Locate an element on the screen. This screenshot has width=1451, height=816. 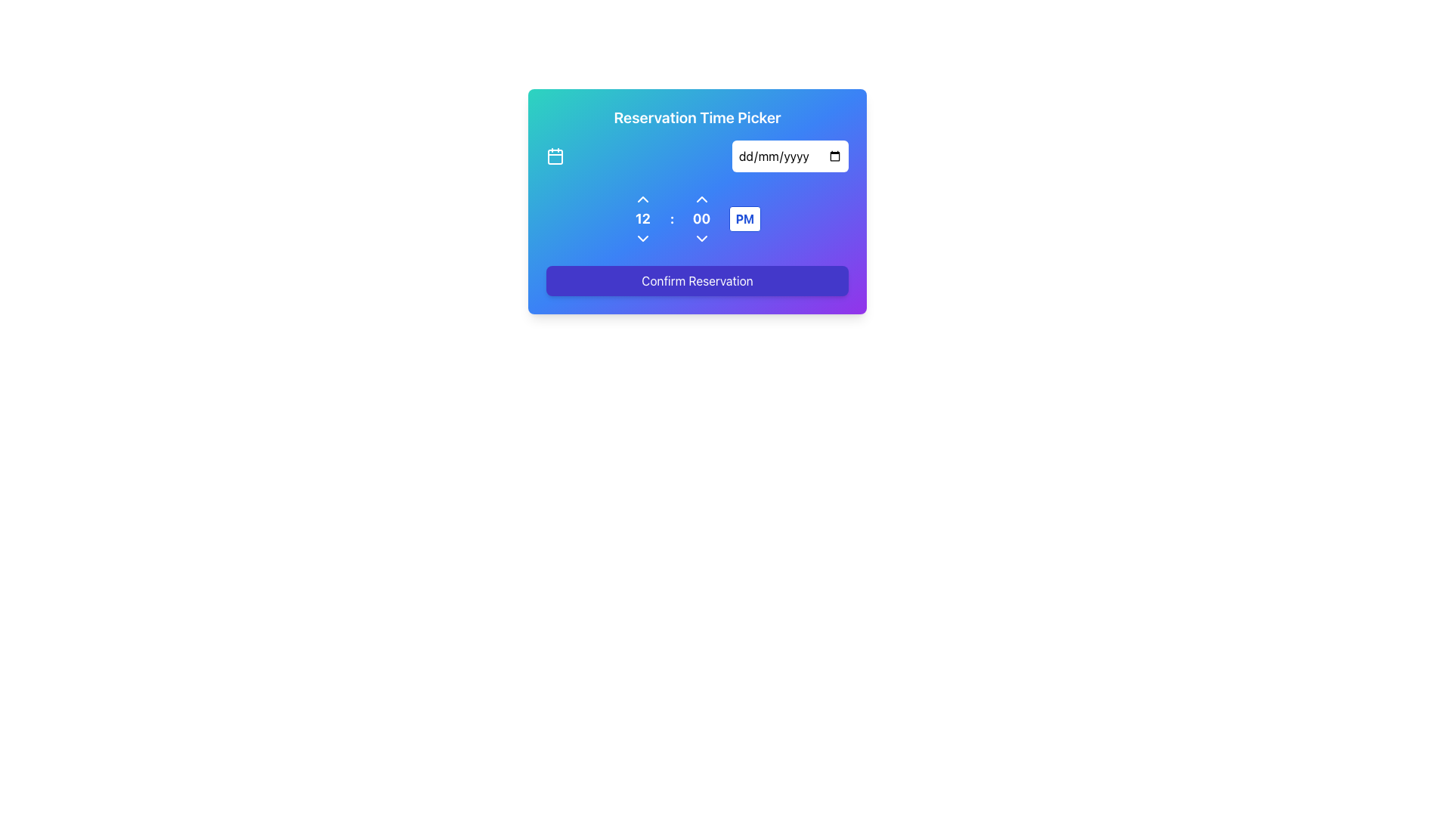
the 'PM' button, which is a rectangular button with a white background and blue border is located at coordinates (744, 218).